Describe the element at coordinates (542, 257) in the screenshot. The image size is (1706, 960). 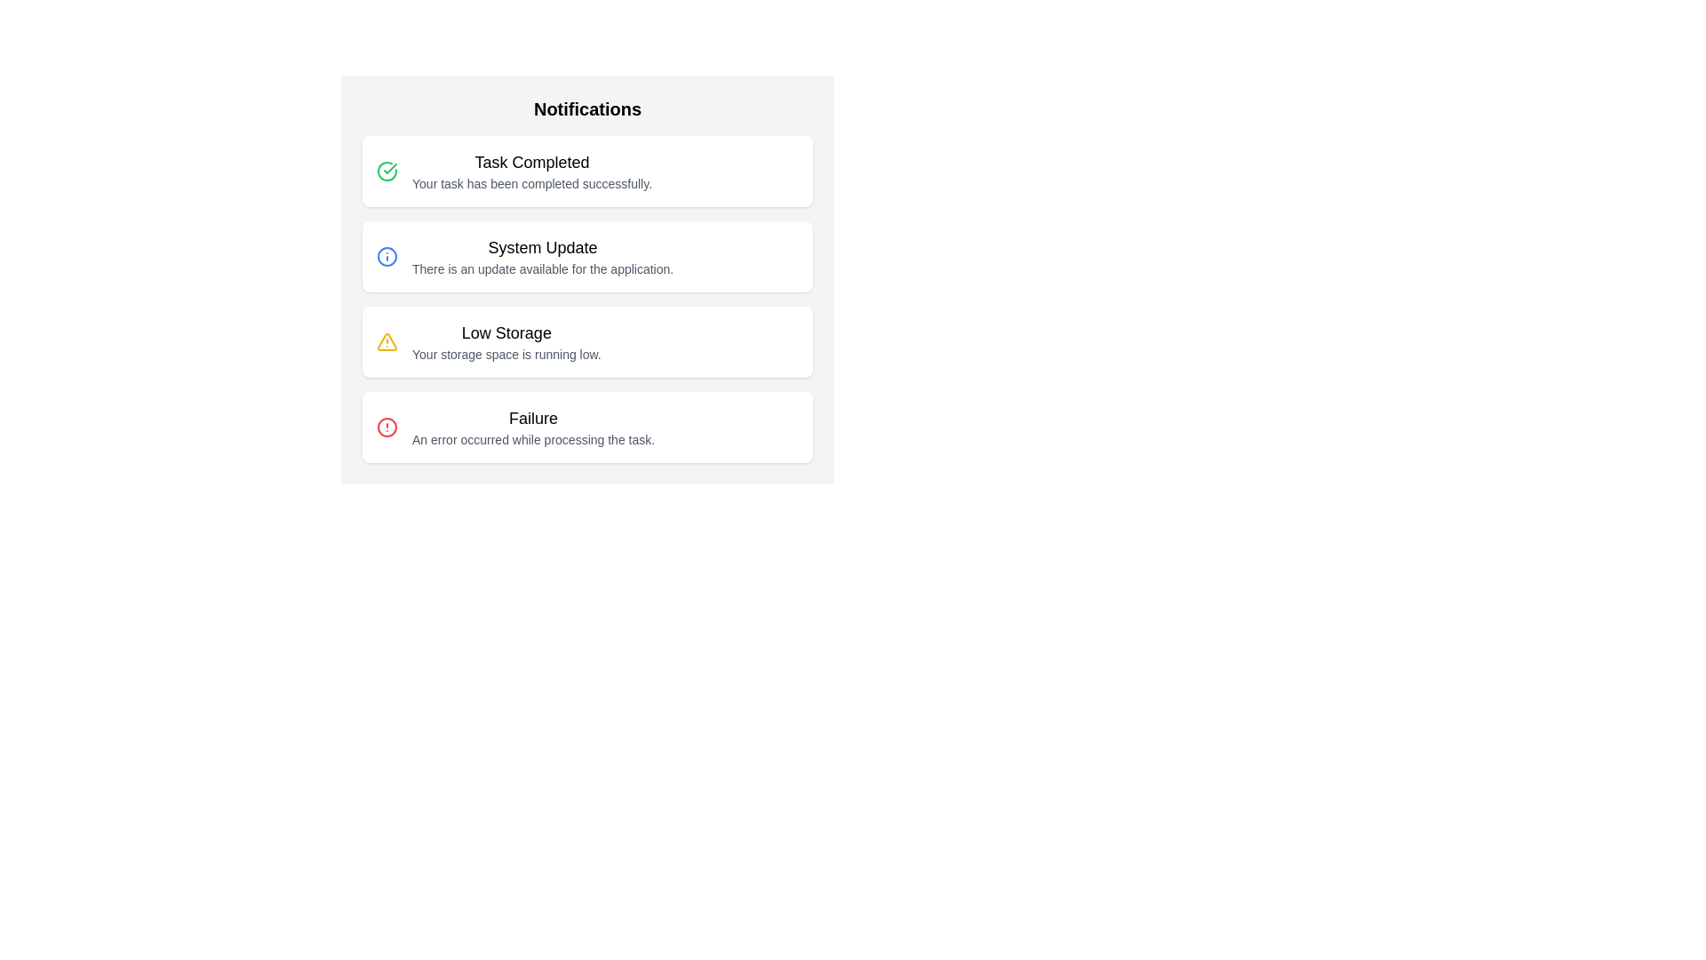
I see `the static text display that informs the user about a system update availability, located in the second notification card from the top, between 'Task Completed' and 'Low Storage'` at that location.